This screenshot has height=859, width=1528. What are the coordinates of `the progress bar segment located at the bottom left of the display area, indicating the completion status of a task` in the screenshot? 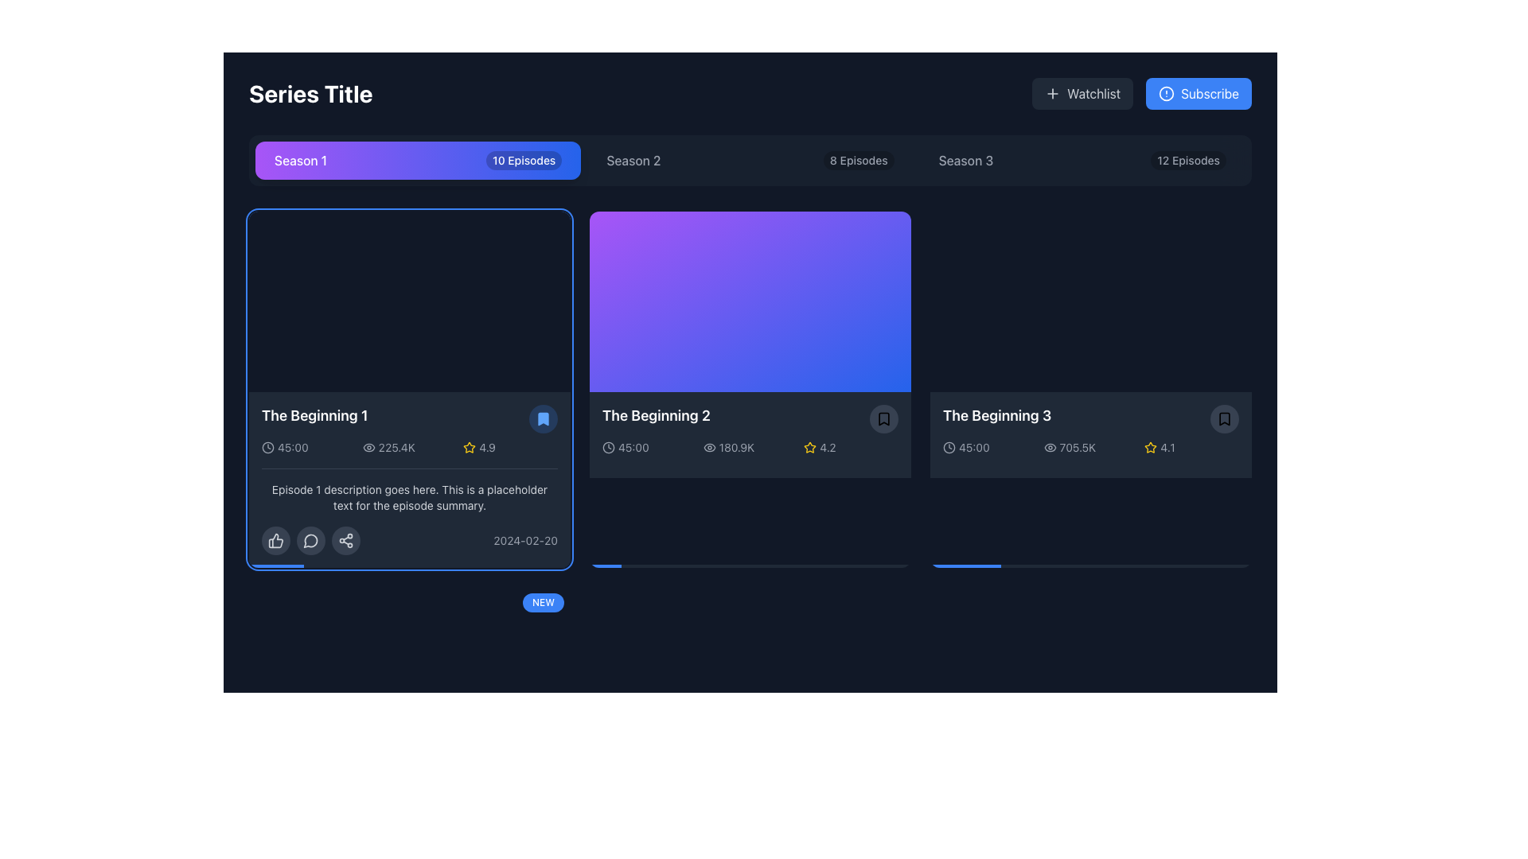 It's located at (605, 566).